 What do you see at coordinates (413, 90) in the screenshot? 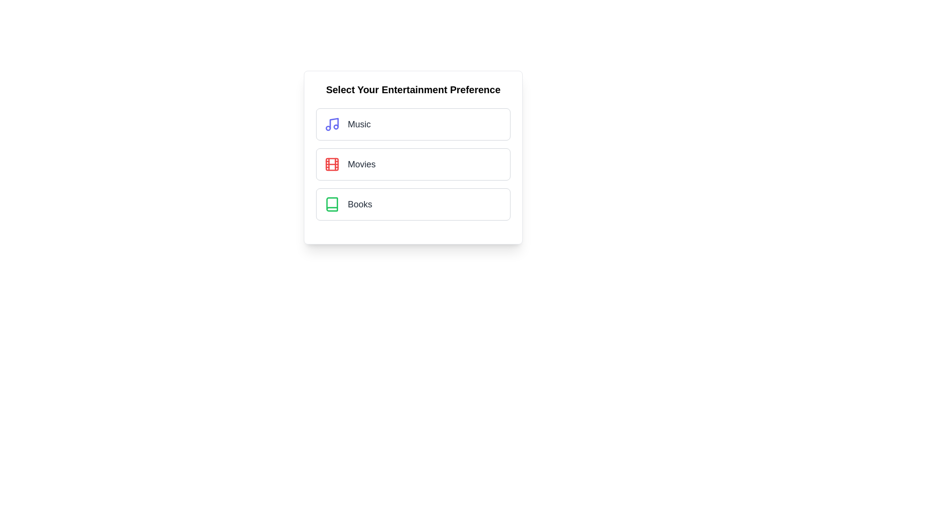
I see `the header text label indicating entertainment preferences, which is located above the options for 'Music', 'Movies', and 'Books'` at bounding box center [413, 90].